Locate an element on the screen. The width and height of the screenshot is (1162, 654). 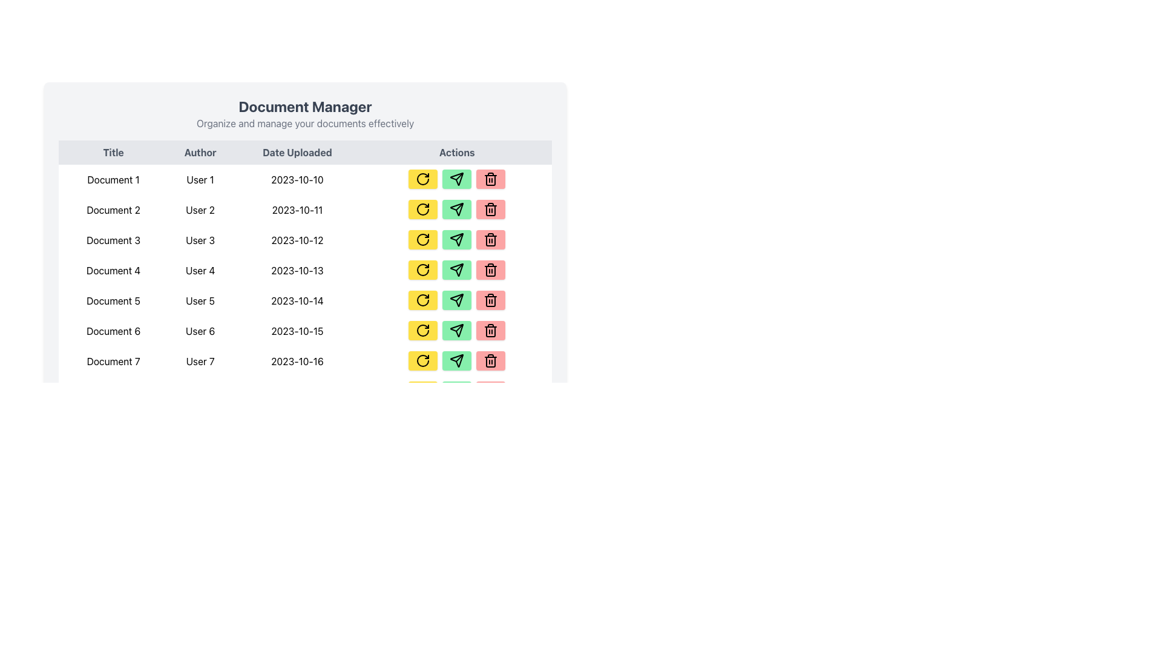
the 'send' button with a paper plane icon in the fifth row of the table for 'Document 5' is located at coordinates (456, 240).